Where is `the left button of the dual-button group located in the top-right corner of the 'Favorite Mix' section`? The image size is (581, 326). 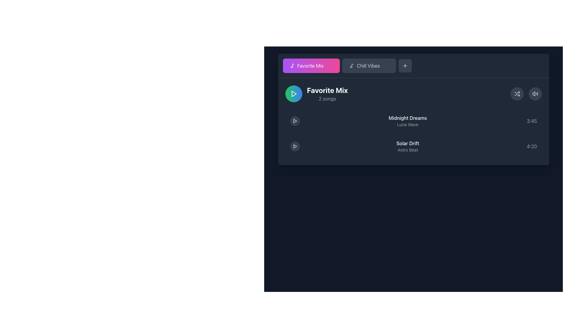
the left button of the dual-button group located in the top-right corner of the 'Favorite Mix' section is located at coordinates (526, 94).